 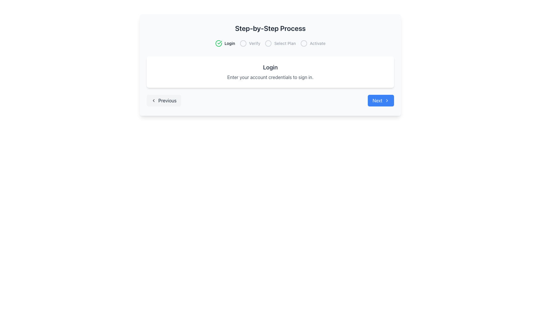 I want to click on the state or styling of the inactive 'Verify' step represented by the first SVG circle in the step-by-step progress bar, so click(x=243, y=43).